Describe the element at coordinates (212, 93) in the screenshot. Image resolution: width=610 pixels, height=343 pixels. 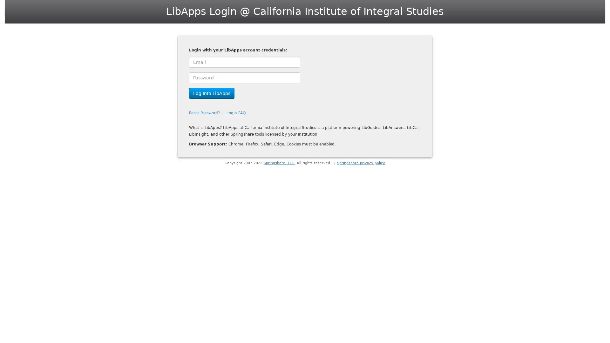
I see `Log Into LibApps` at that location.